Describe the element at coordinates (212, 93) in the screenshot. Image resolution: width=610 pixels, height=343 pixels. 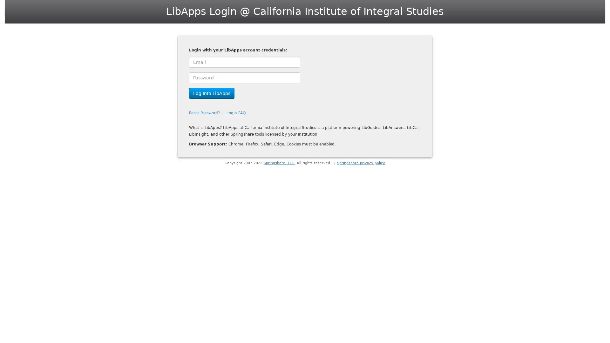
I see `Log Into LibApps` at that location.